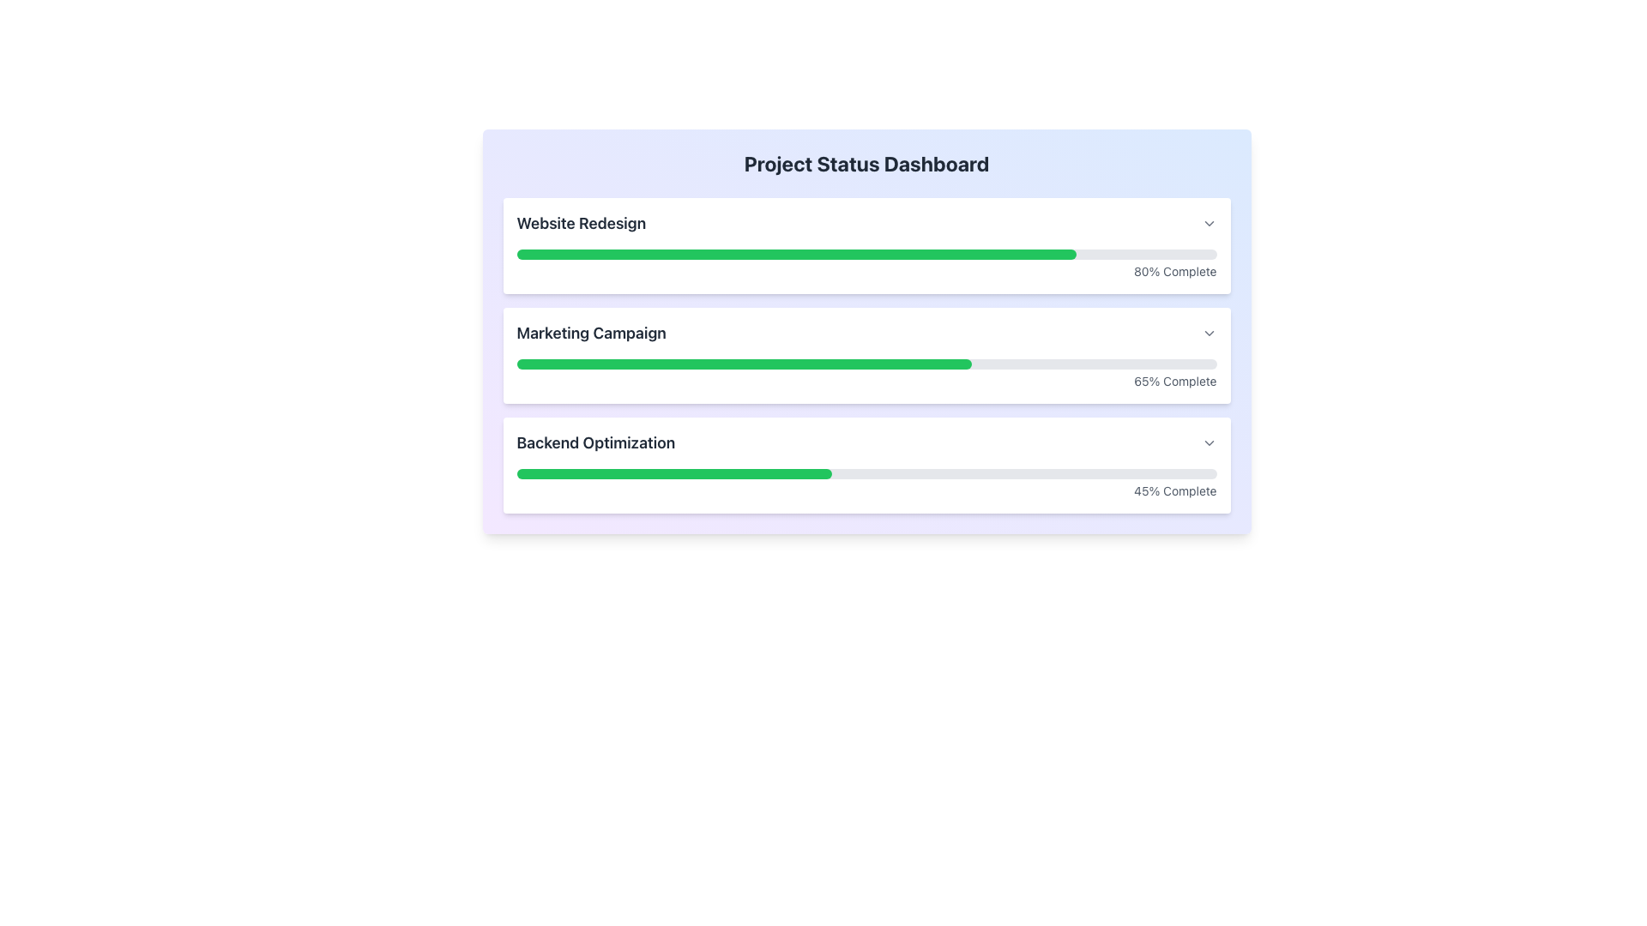 Image resolution: width=1647 pixels, height=926 pixels. I want to click on the Progress Bar that visually represents the completion of the 'Marketing Campaign' task, which is currently at 65%, so click(744, 363).